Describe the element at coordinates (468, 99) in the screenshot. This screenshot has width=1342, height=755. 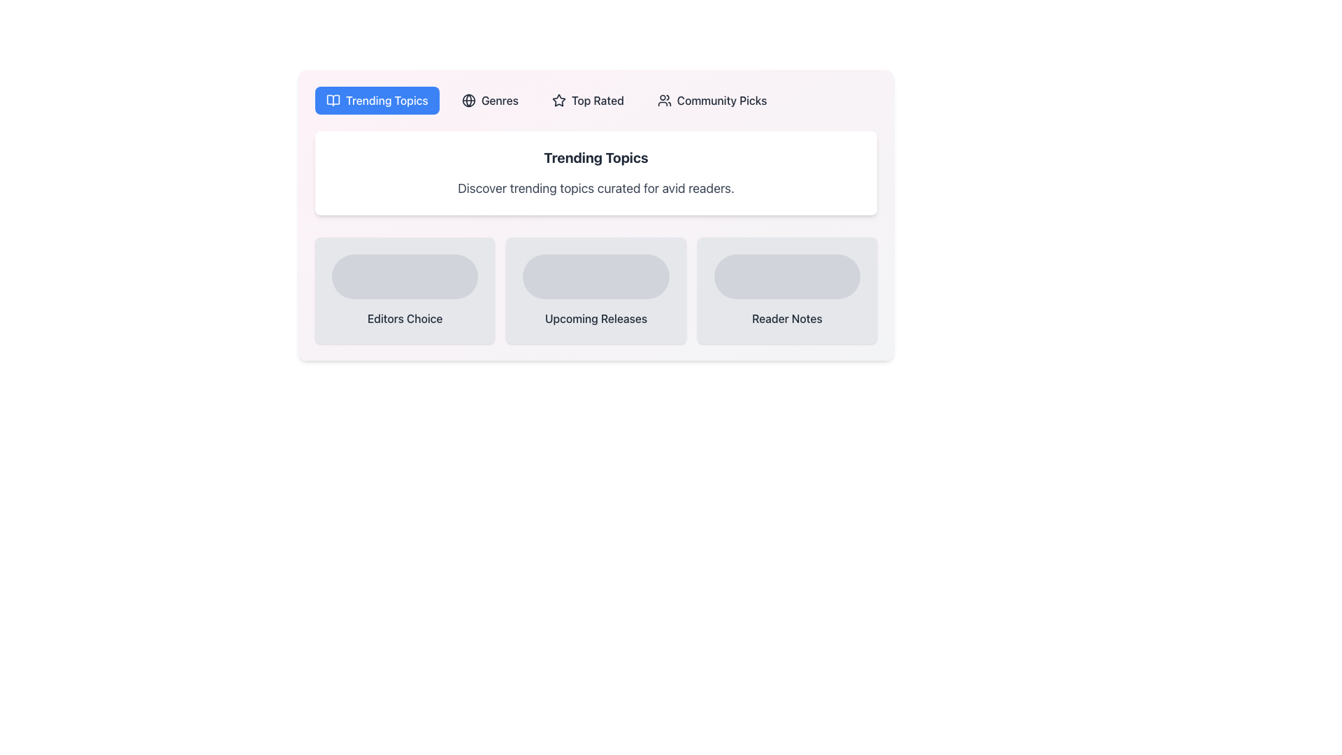
I see `the graphical SVG circle element that is part of the icon representing connectivity, located to the right of the 'Trending Topics' label in the top navigation bar` at that location.